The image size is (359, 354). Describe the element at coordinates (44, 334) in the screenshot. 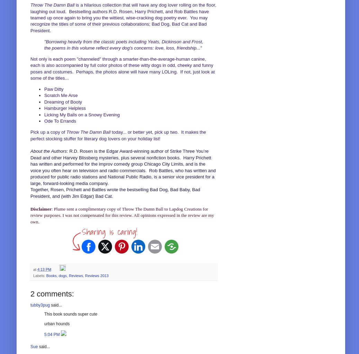

I see `'5:04 PM'` at that location.